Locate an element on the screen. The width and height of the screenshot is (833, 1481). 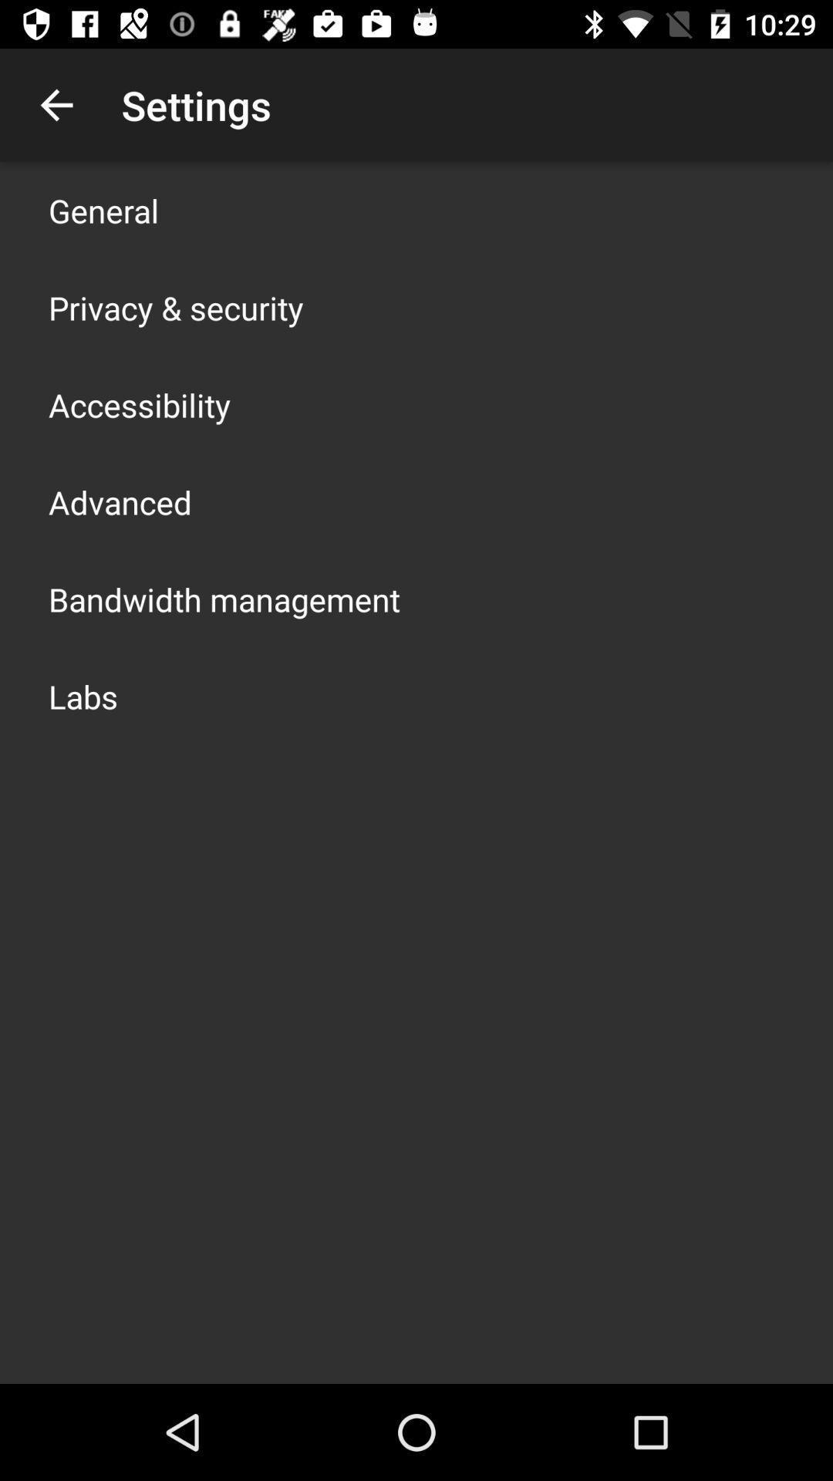
the bandwidth management is located at coordinates (224, 599).